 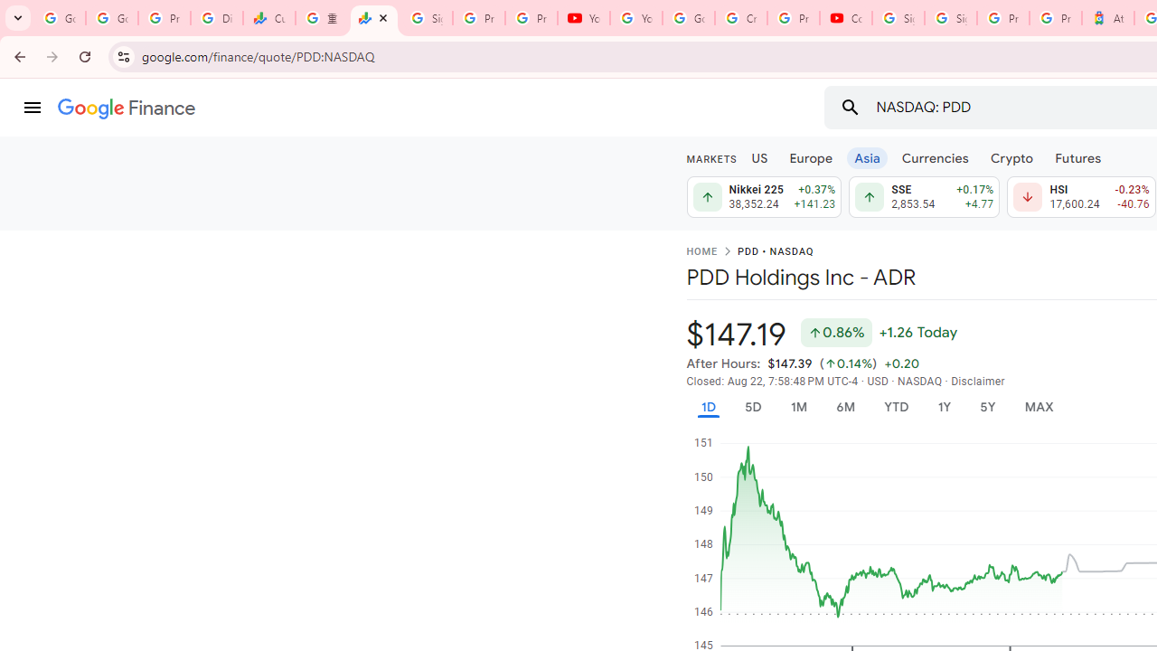 I want to click on '1D', so click(x=707, y=407).